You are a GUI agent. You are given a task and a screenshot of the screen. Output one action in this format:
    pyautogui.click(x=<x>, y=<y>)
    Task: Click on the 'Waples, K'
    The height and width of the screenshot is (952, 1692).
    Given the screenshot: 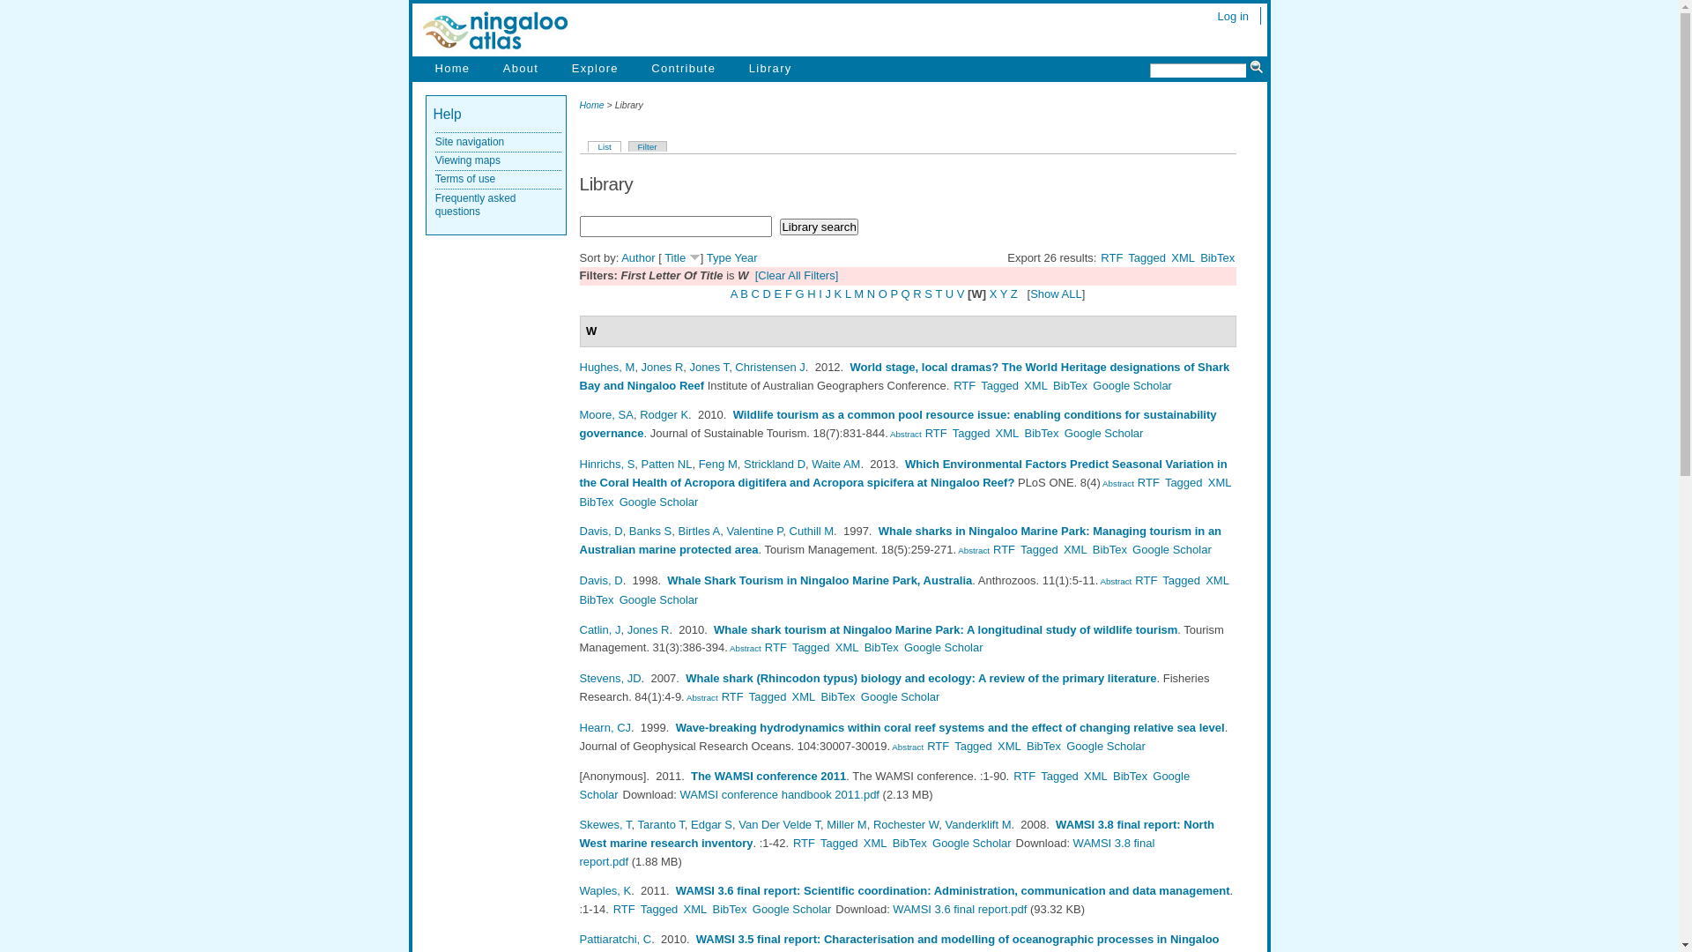 What is the action you would take?
    pyautogui.click(x=605, y=890)
    